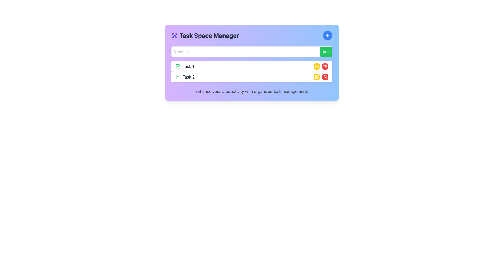  Describe the element at coordinates (252, 77) in the screenshot. I see `the task item labeled 'Task 2'` at that location.